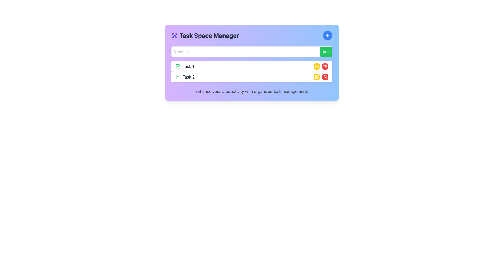  Describe the element at coordinates (252, 77) in the screenshot. I see `the task item labeled 'Task 2'` at that location.